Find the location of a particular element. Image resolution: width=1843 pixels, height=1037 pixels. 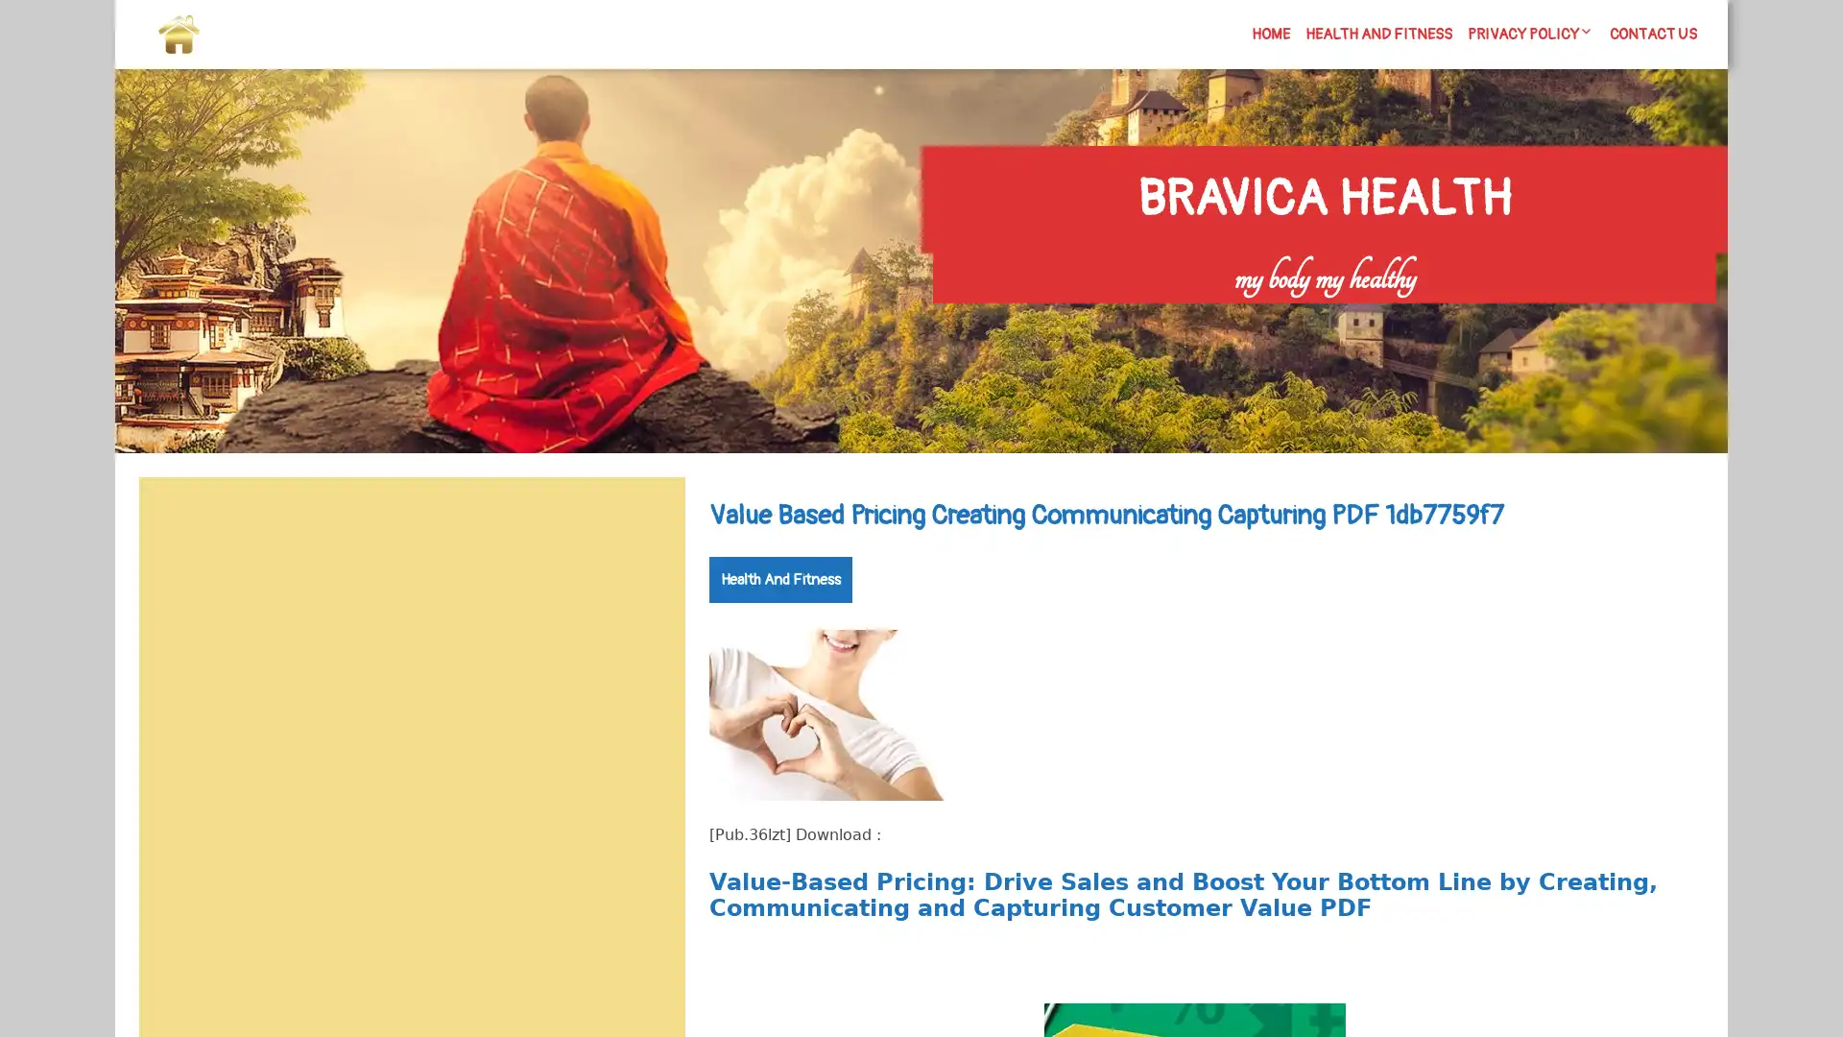

Search is located at coordinates (1495, 314).